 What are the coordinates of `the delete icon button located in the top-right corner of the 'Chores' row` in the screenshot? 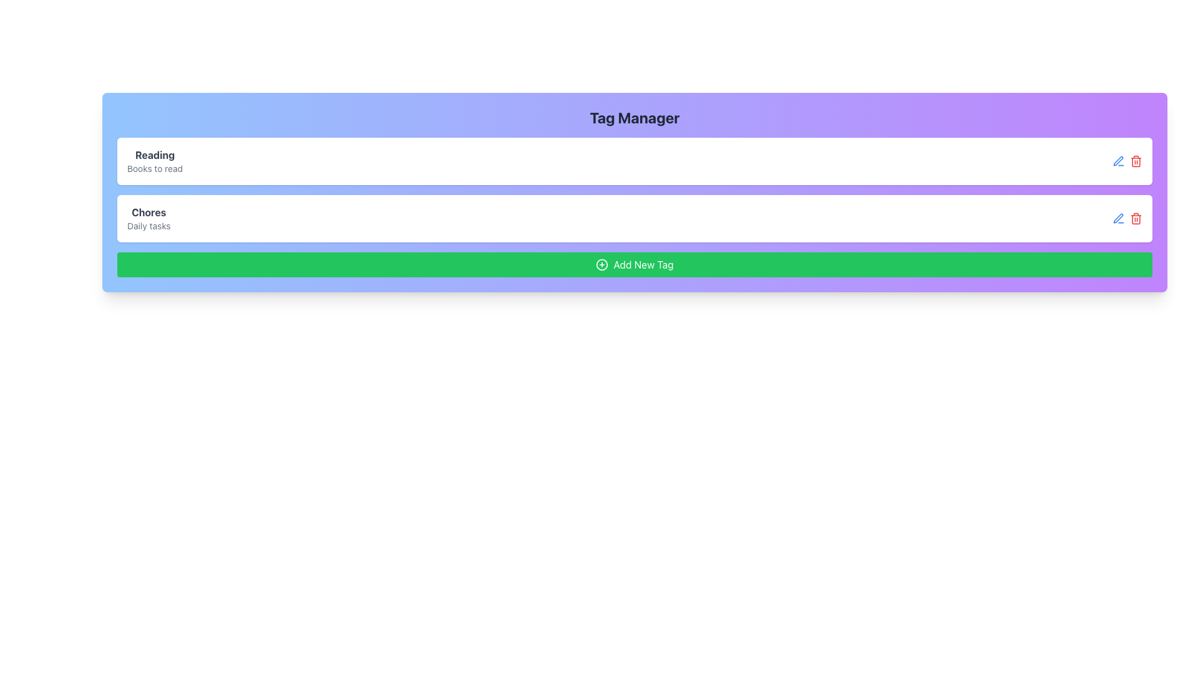 It's located at (1136, 218).